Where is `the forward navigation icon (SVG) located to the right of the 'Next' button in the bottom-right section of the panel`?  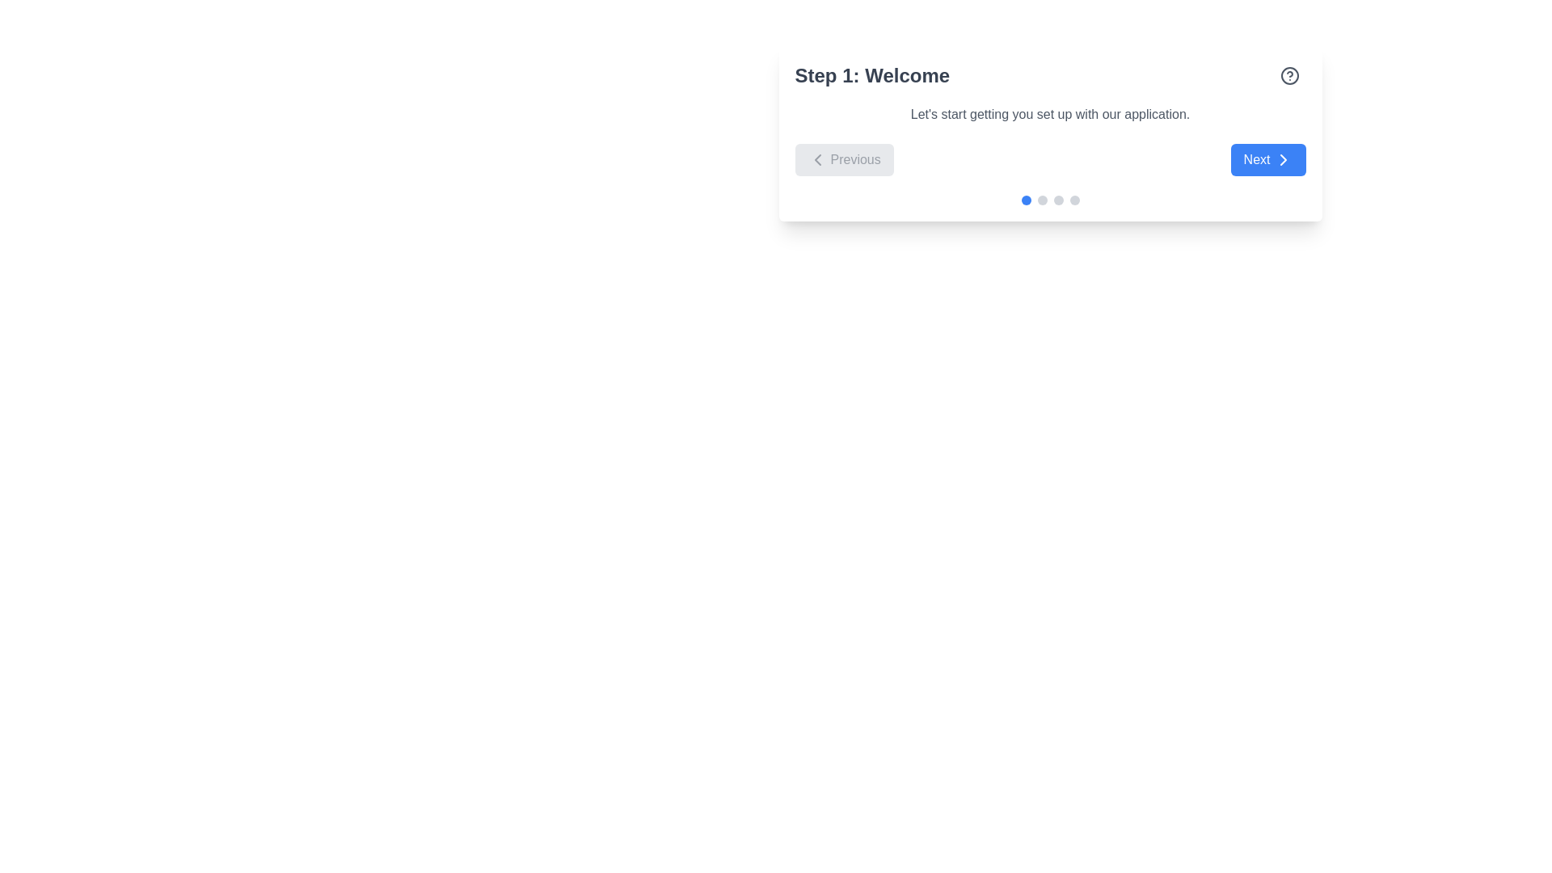 the forward navigation icon (SVG) located to the right of the 'Next' button in the bottom-right section of the panel is located at coordinates (1282, 159).